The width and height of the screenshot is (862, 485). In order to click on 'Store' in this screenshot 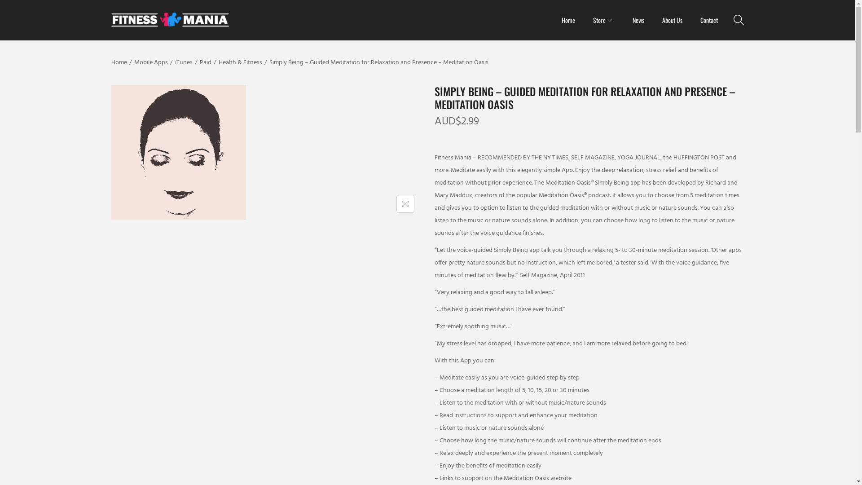, I will do `click(603, 20)`.